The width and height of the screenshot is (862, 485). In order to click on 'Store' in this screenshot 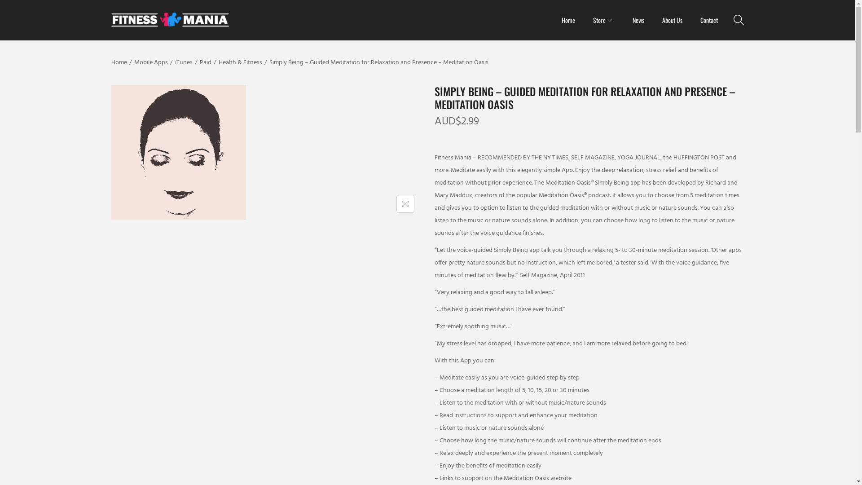, I will do `click(603, 20)`.